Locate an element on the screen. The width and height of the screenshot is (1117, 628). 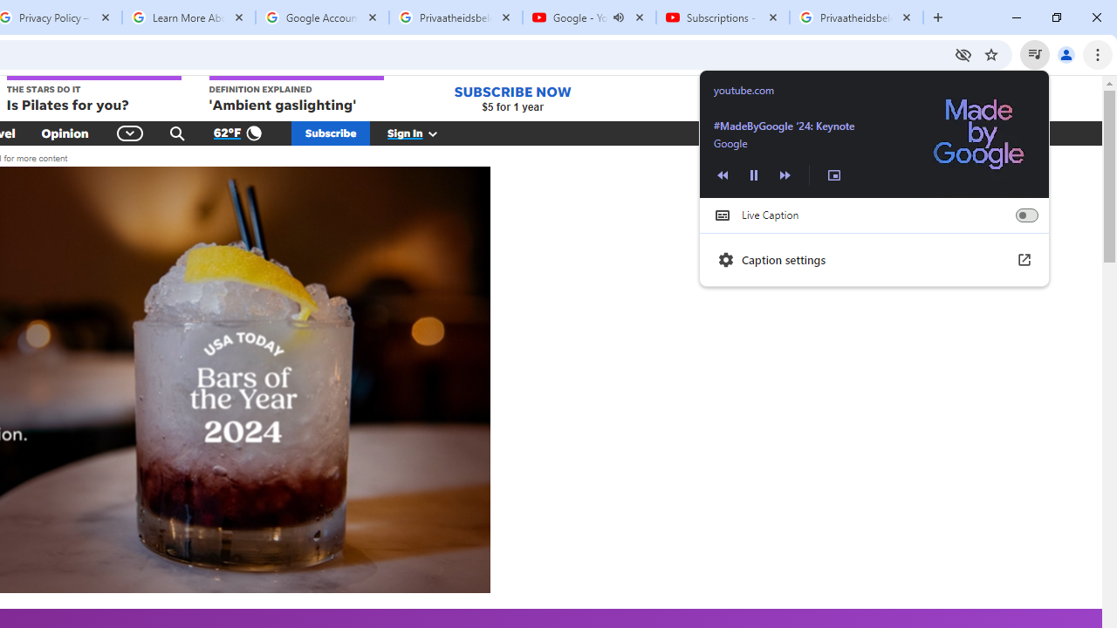
'DEFINITION EXPLAINED ' is located at coordinates (296, 95).